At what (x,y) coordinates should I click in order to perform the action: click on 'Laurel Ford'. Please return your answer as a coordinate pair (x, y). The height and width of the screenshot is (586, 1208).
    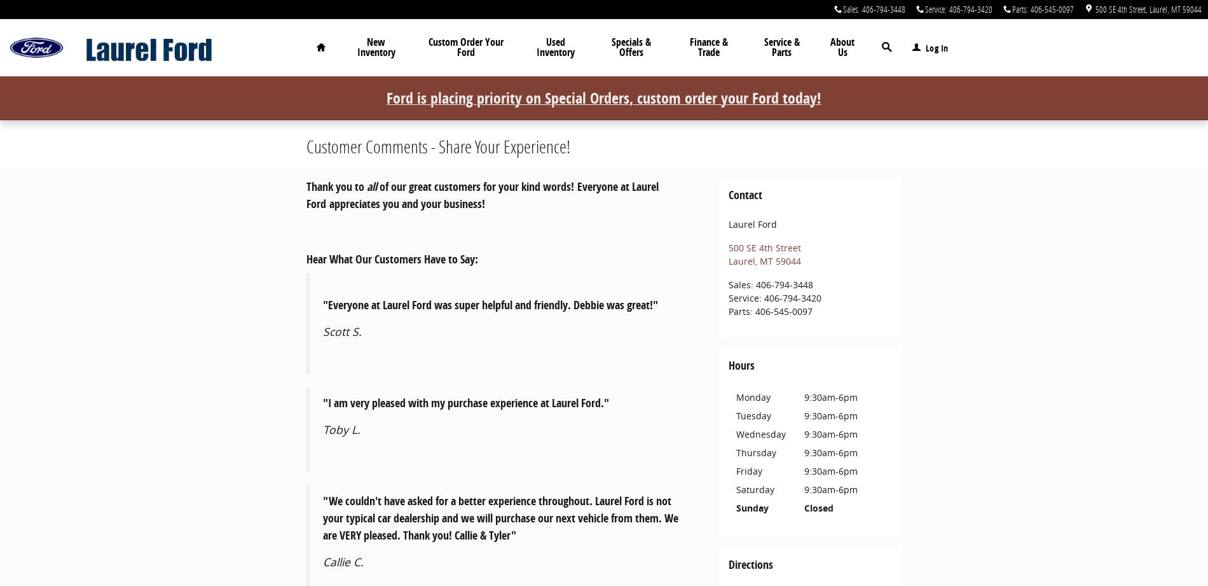
    Looking at the image, I should click on (753, 223).